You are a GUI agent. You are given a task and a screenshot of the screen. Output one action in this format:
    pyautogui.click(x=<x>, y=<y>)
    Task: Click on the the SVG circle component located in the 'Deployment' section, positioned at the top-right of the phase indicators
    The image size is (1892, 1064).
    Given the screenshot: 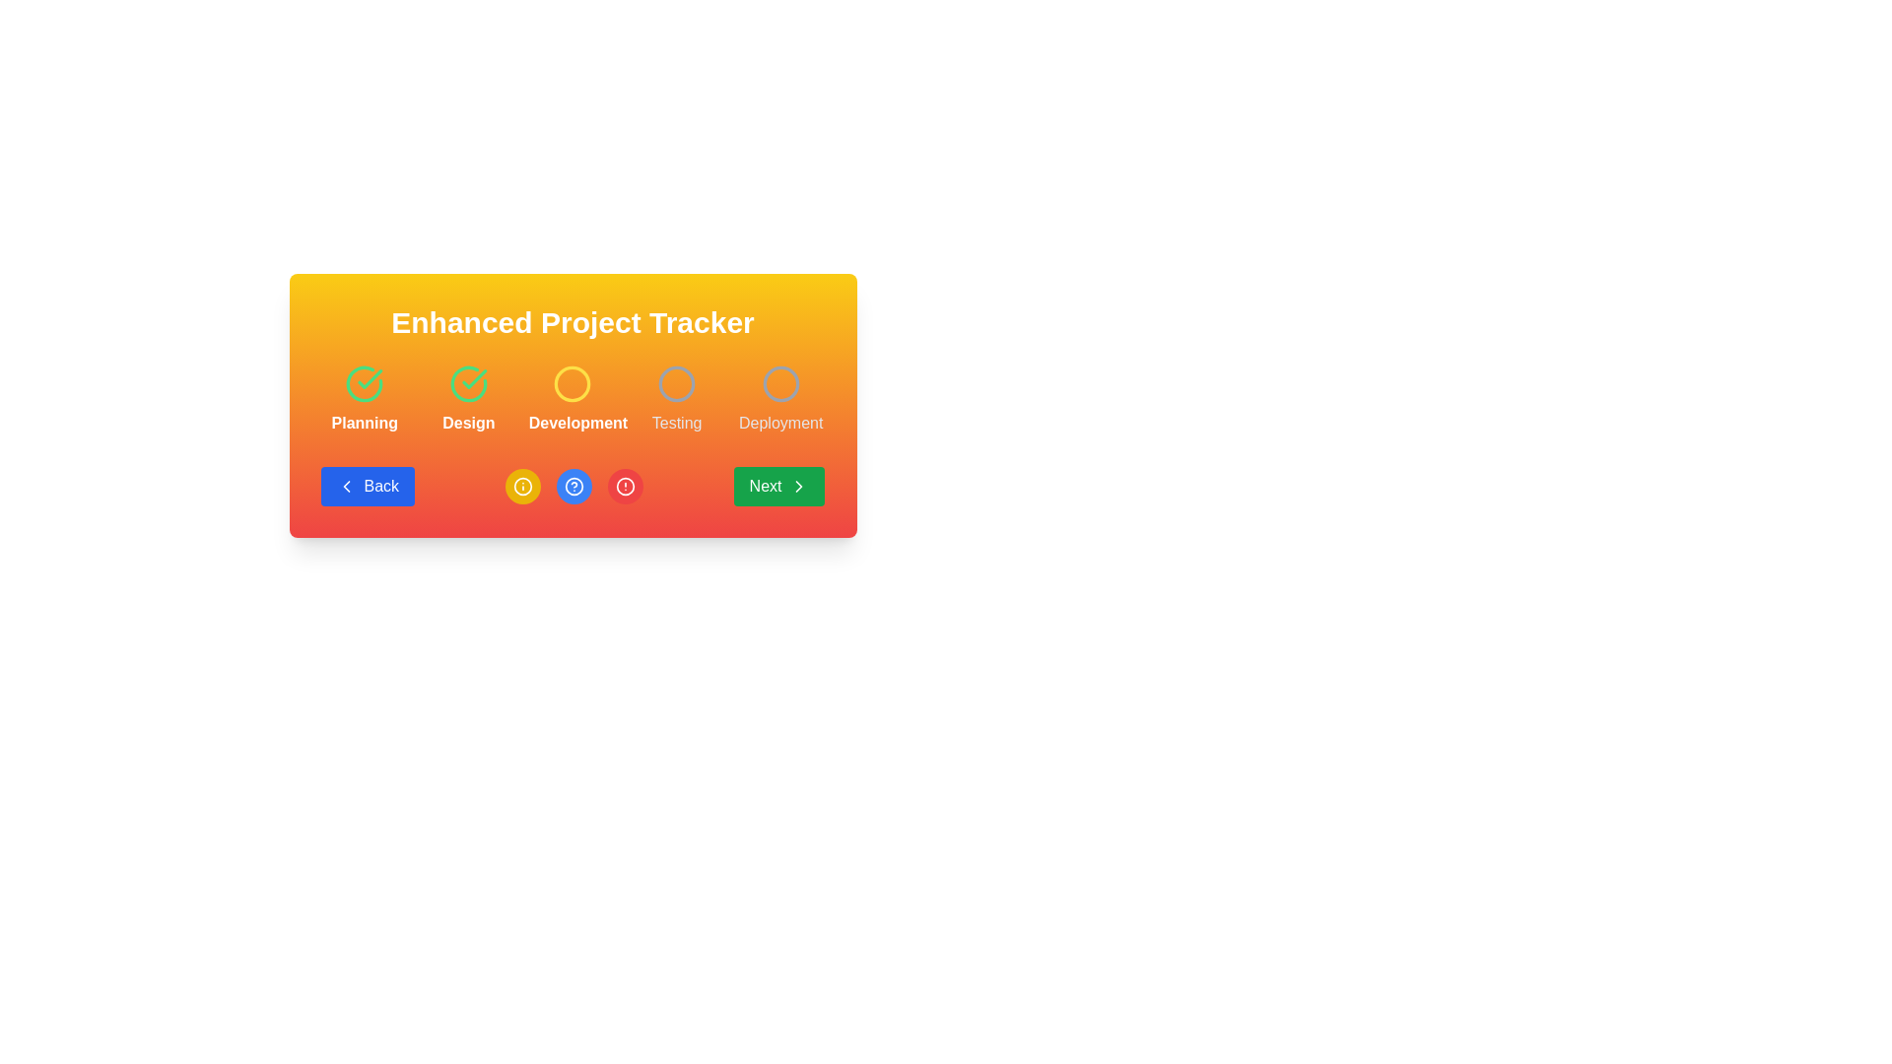 What is the action you would take?
    pyautogui.click(x=779, y=383)
    